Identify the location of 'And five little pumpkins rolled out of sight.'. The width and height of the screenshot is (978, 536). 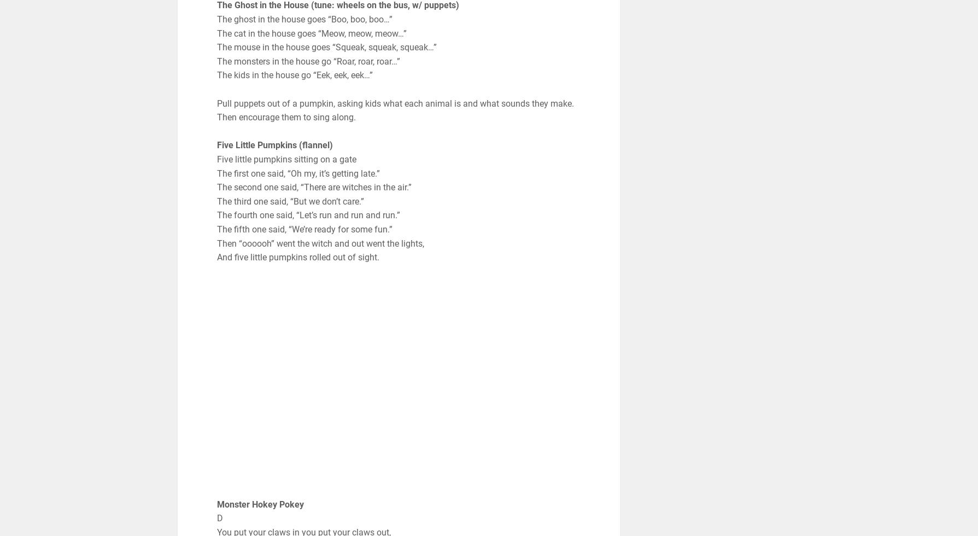
(297, 257).